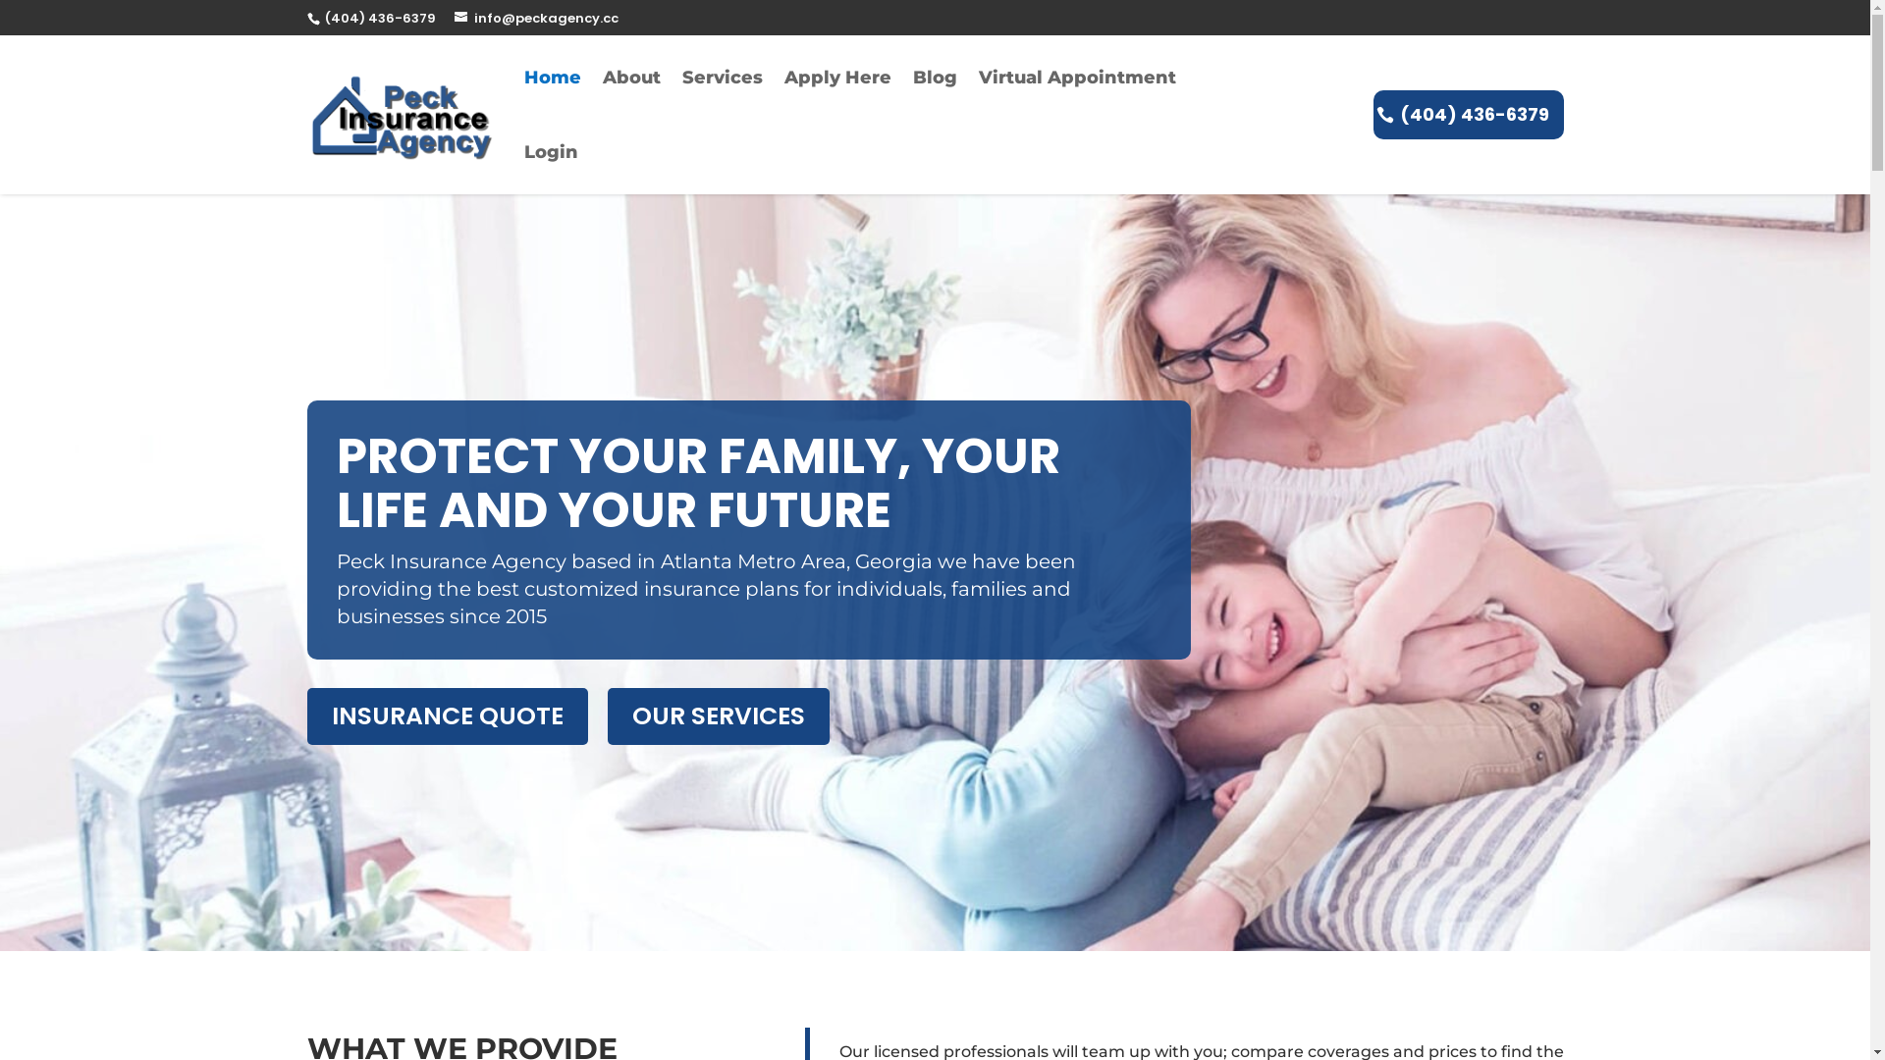  Describe the element at coordinates (551, 76) in the screenshot. I see `'Home'` at that location.